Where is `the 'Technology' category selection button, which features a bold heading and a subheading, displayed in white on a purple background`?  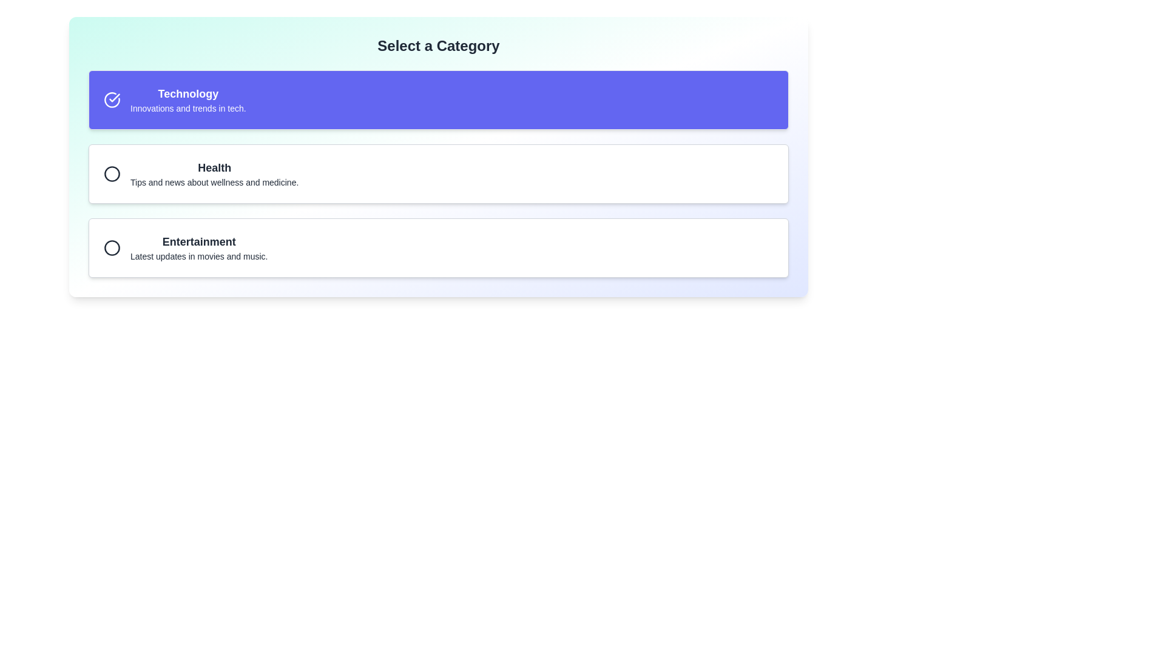 the 'Technology' category selection button, which features a bold heading and a subheading, displayed in white on a purple background is located at coordinates (187, 99).